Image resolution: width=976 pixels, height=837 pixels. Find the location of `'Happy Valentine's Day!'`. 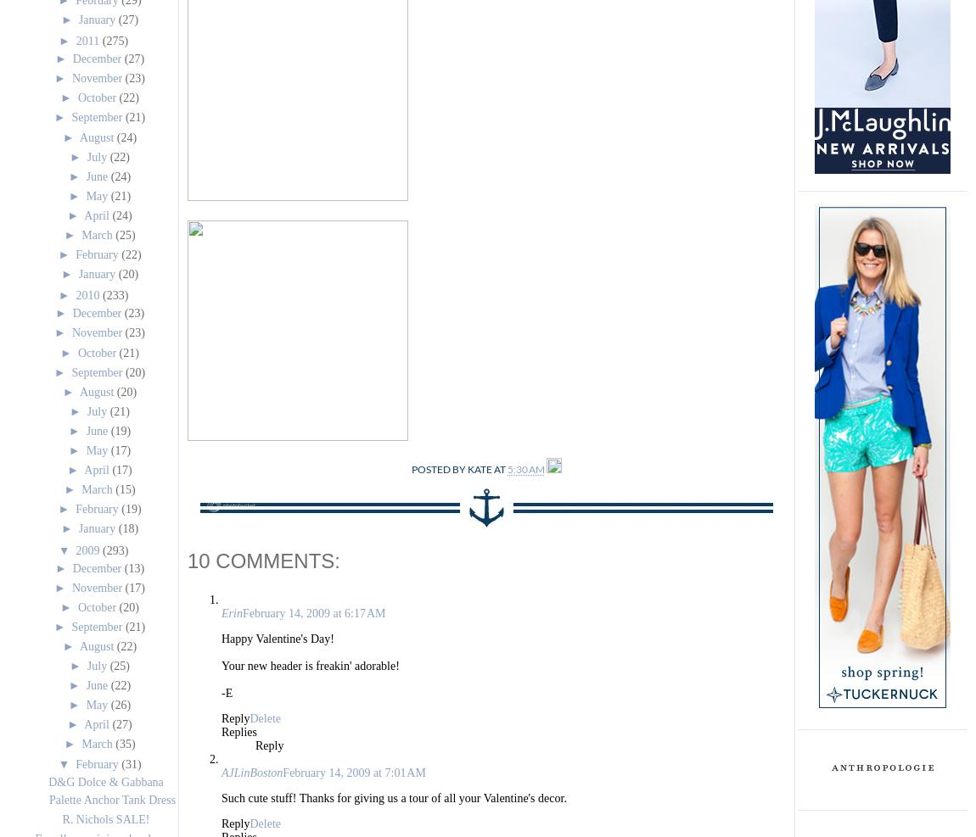

'Happy Valentine's Day!' is located at coordinates (277, 638).